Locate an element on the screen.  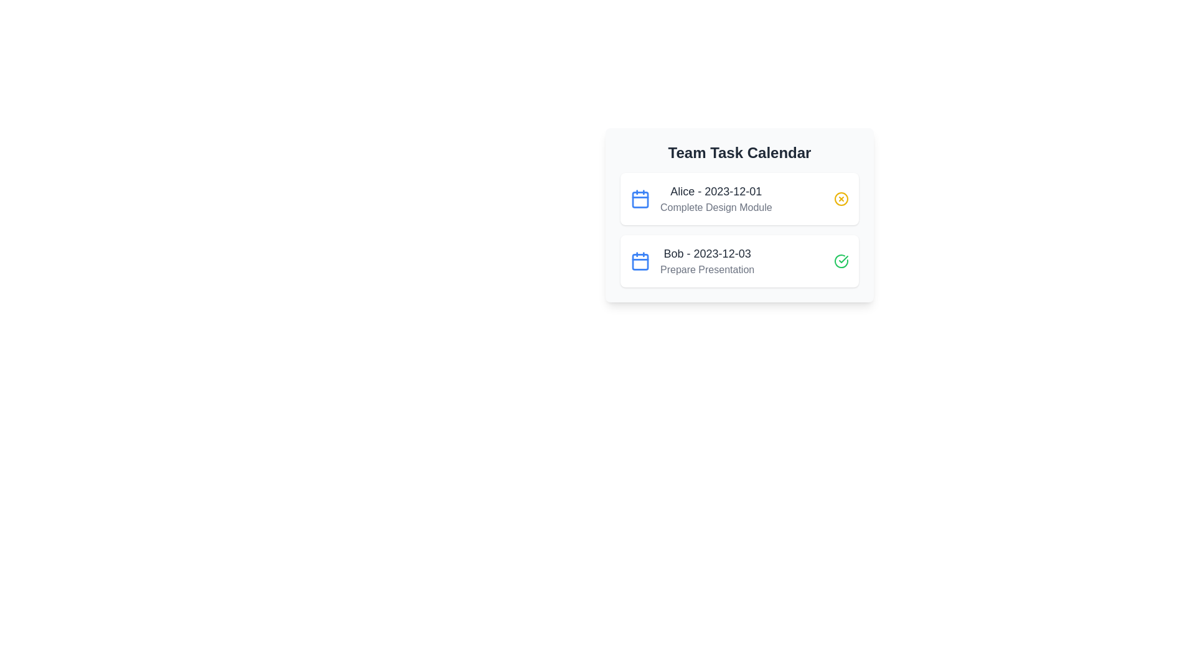
the task corresponding to Alice - 2023-12-01 to view its details is located at coordinates (739, 198).